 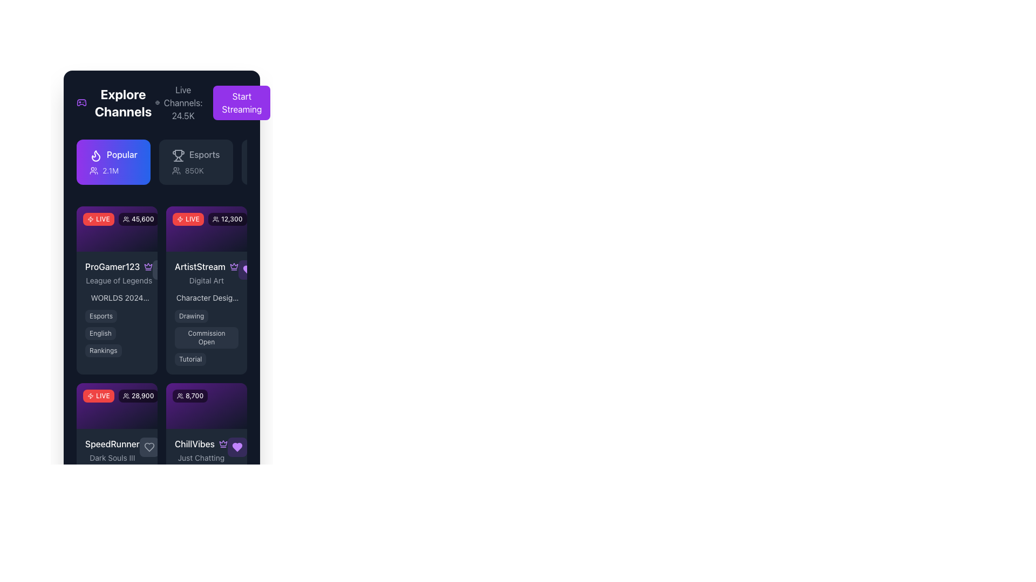 What do you see at coordinates (81, 103) in the screenshot?
I see `the gaming-related icon located towards the upper right section of the interface, which represents gamepad functionality` at bounding box center [81, 103].